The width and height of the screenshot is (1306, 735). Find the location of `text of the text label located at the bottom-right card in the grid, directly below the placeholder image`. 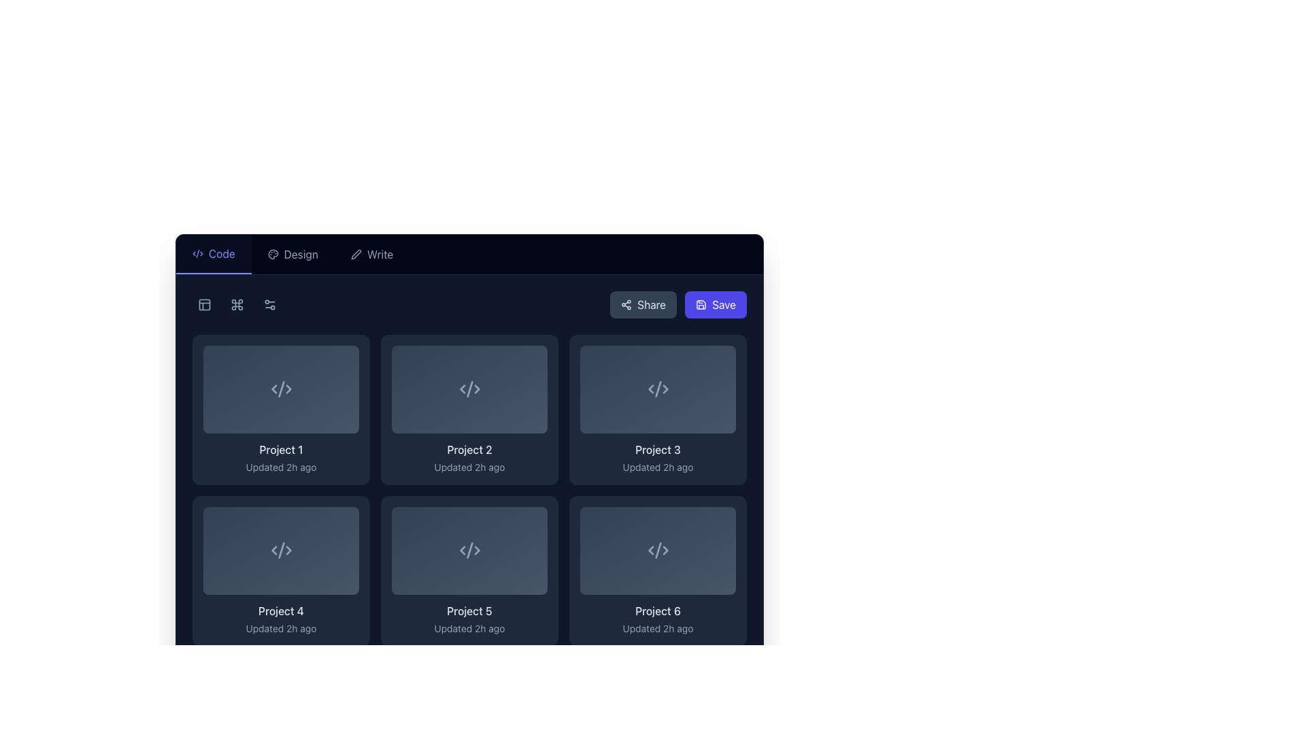

text of the text label located at the bottom-right card in the grid, directly below the placeholder image is located at coordinates (658, 610).